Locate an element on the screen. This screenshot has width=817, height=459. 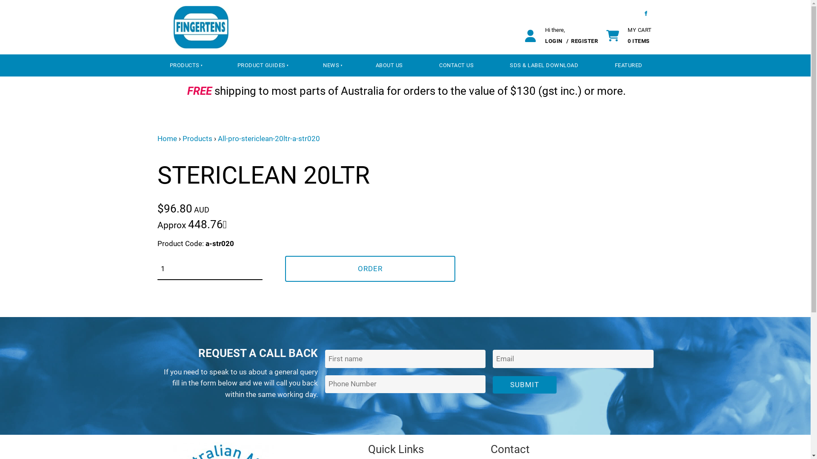
'ORDER' is located at coordinates (370, 269).